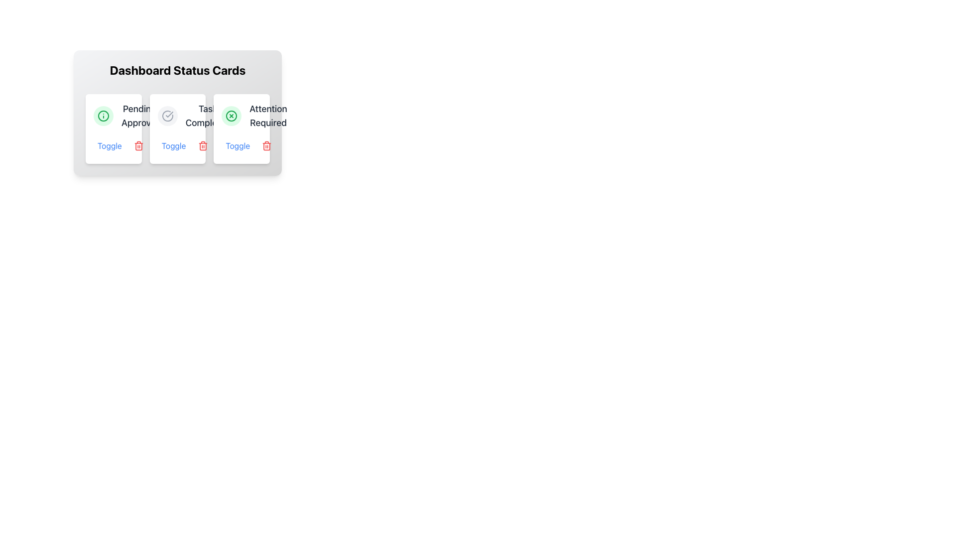  Describe the element at coordinates (103, 115) in the screenshot. I see `the circular icon with a green border and background featuring an 'i' symbol, located in the top-left corner of the first status card titled 'Dashboard Status Cards'` at that location.